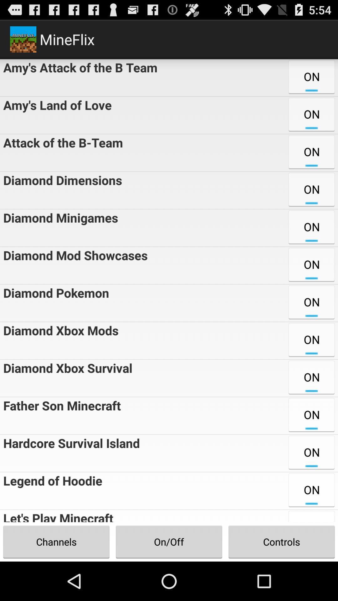 This screenshot has width=338, height=601. Describe the element at coordinates (54, 303) in the screenshot. I see `the icon next to the on item` at that location.